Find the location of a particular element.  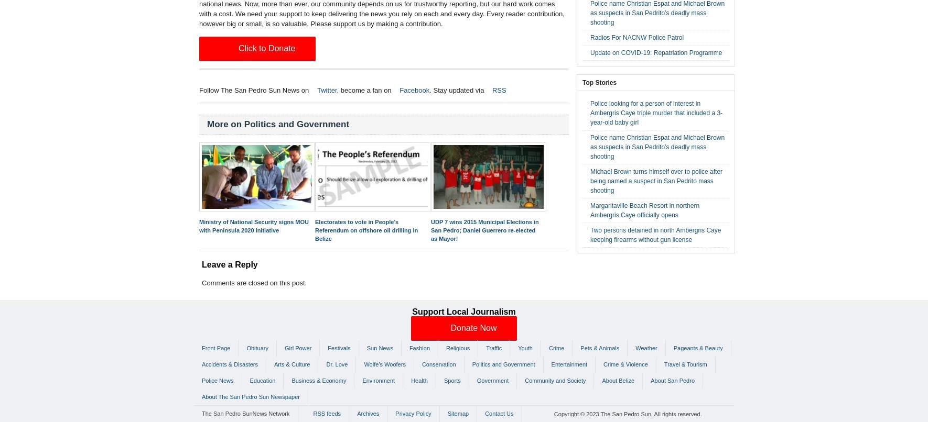

'Police looking for a person of interest in Ambergris Caye triple murder that included a 3-year-old baby girl' is located at coordinates (590, 113).